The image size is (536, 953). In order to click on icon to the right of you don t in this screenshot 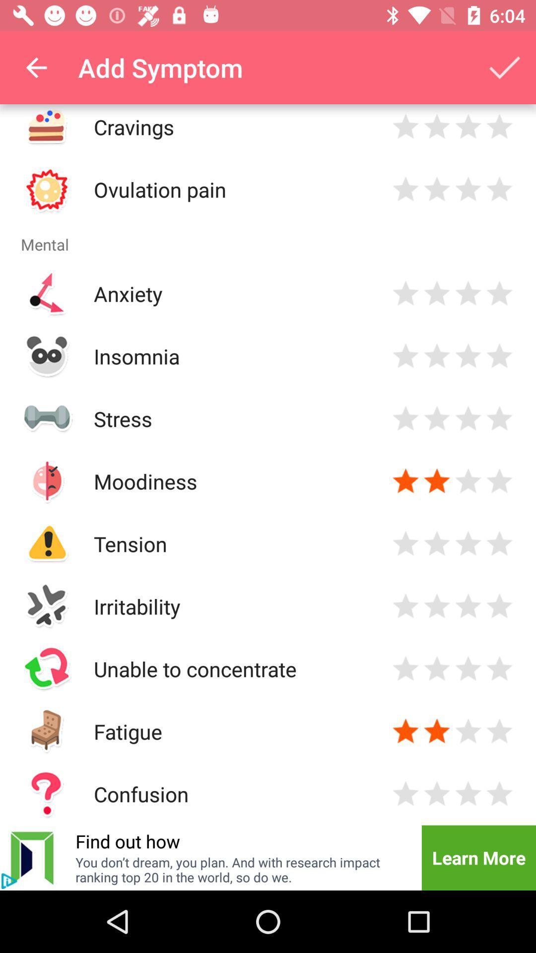, I will do `click(478, 857)`.